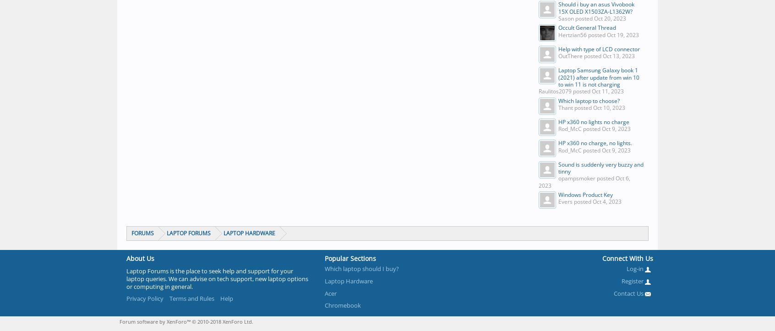  I want to click on 'About Us', so click(140, 258).